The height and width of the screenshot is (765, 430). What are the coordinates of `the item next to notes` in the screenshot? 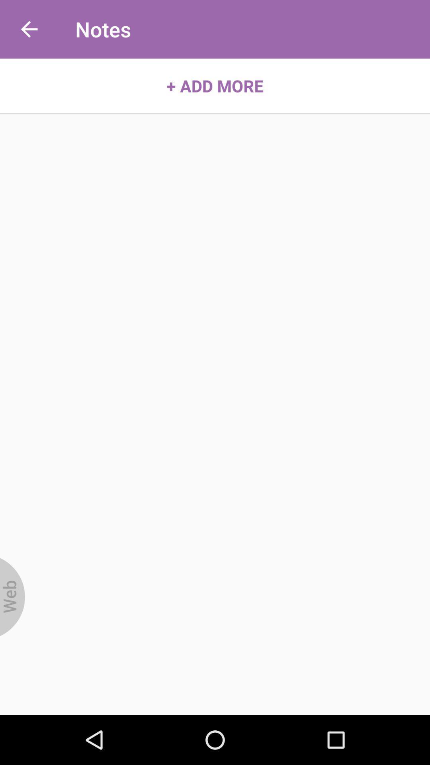 It's located at (29, 29).